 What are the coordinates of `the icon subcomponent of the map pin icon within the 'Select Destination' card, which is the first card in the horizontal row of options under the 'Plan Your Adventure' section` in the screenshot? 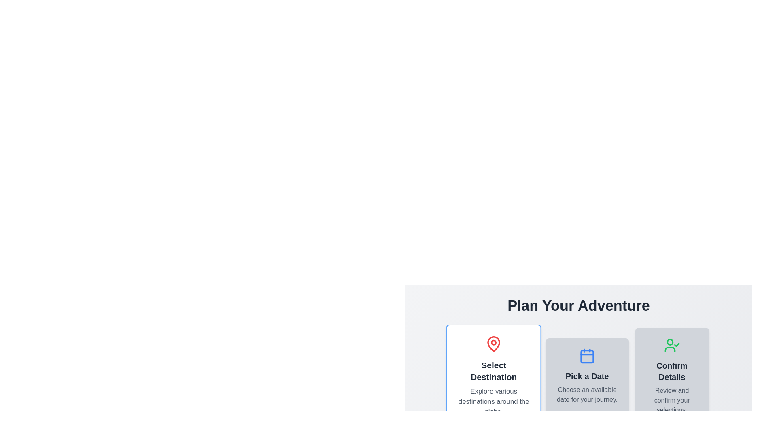 It's located at (493, 342).